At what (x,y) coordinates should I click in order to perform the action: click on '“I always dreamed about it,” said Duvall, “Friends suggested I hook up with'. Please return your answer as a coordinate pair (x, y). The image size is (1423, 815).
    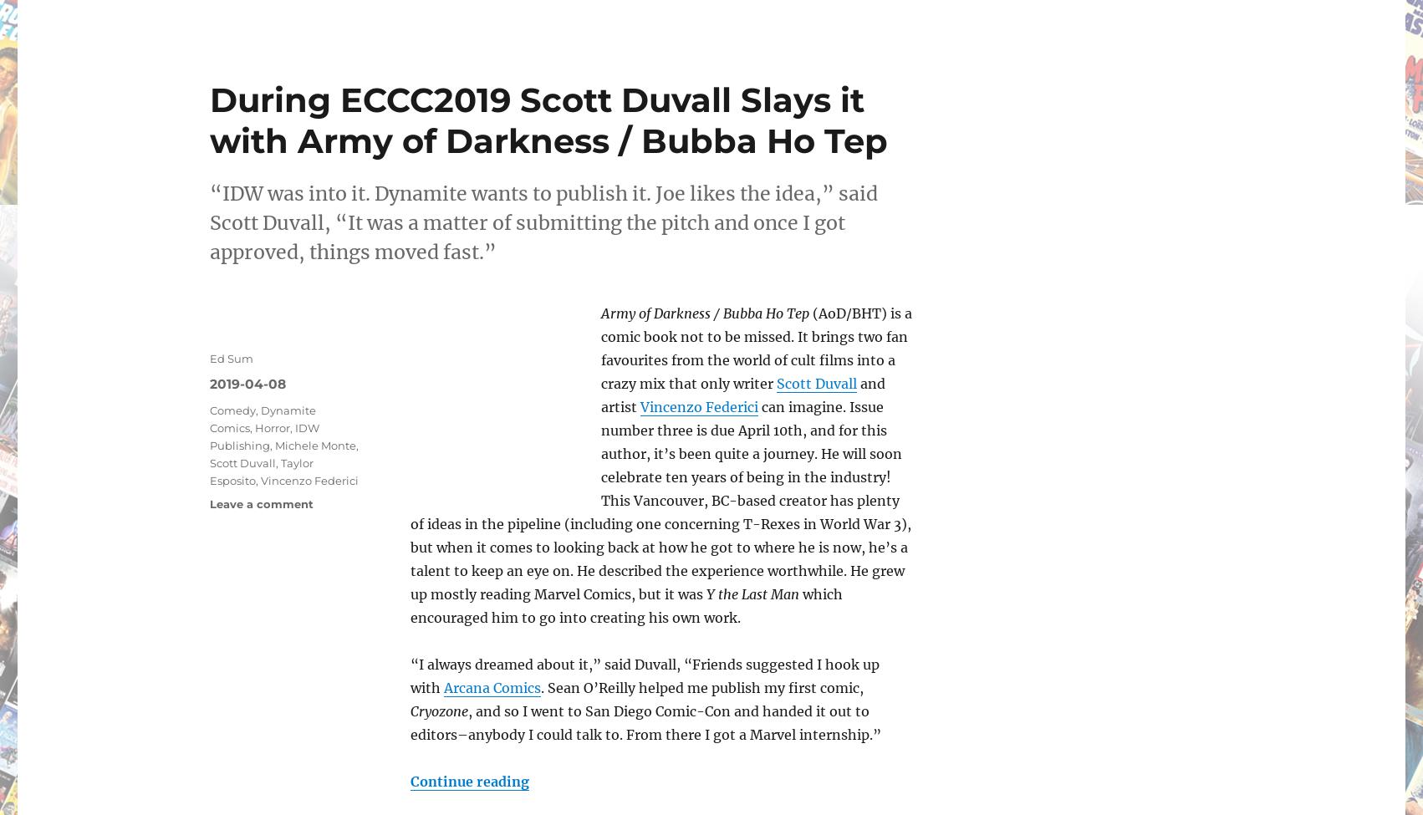
    Looking at the image, I should click on (410, 675).